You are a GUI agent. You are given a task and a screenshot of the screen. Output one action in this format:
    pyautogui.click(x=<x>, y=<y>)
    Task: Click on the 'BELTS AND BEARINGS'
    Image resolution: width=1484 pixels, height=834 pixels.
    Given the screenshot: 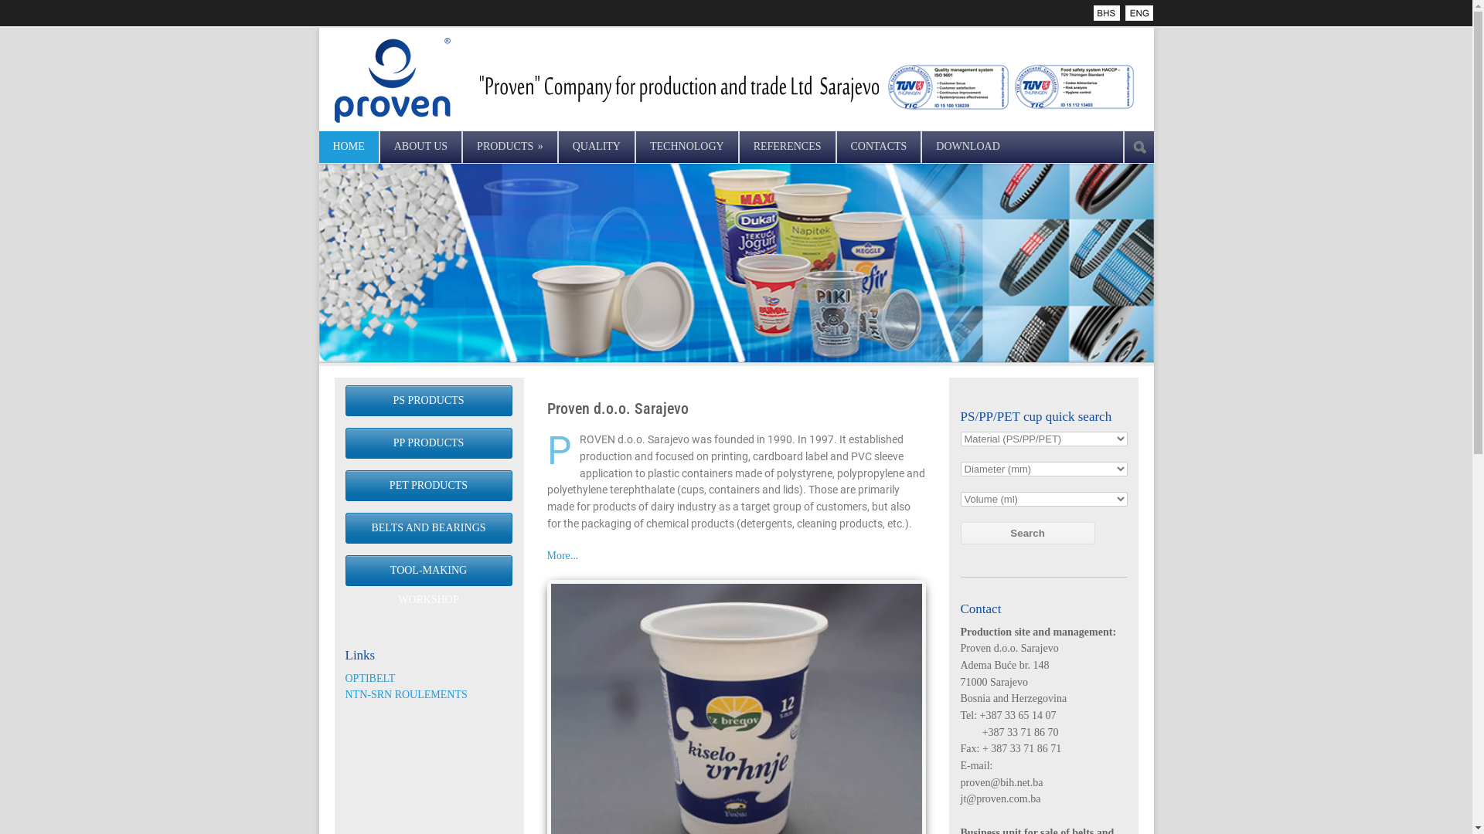 What is the action you would take?
    pyautogui.click(x=344, y=527)
    